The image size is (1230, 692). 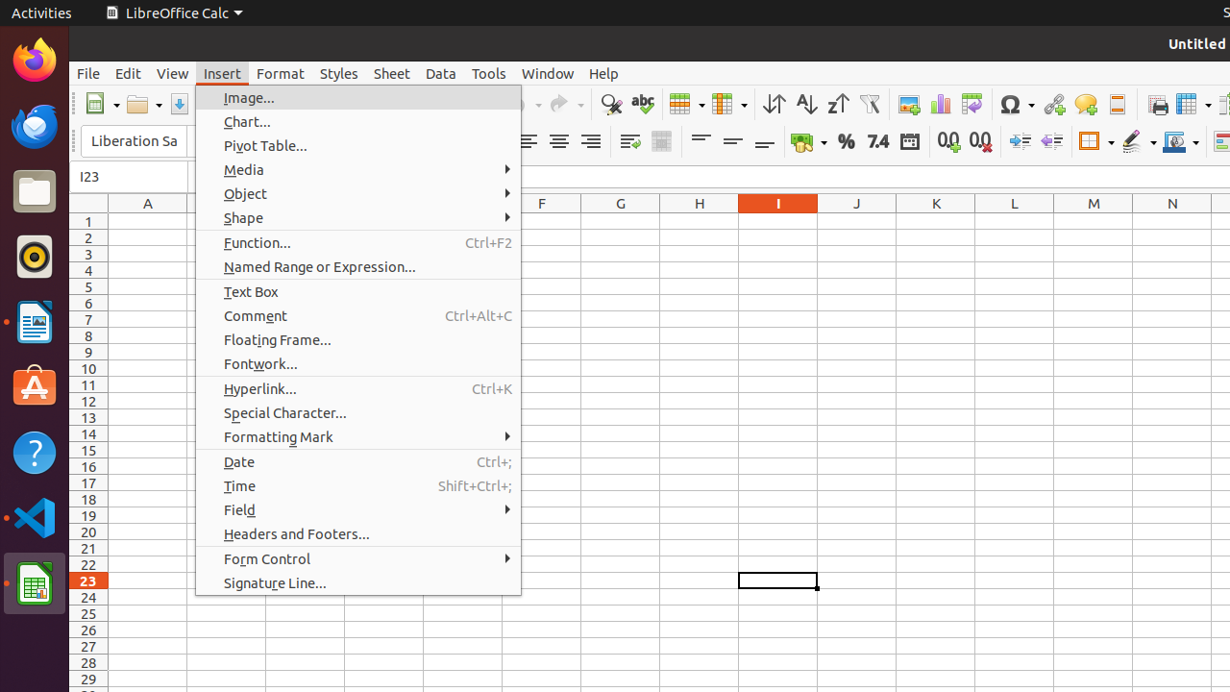 What do you see at coordinates (357, 363) in the screenshot?
I see `'Fontwork...'` at bounding box center [357, 363].